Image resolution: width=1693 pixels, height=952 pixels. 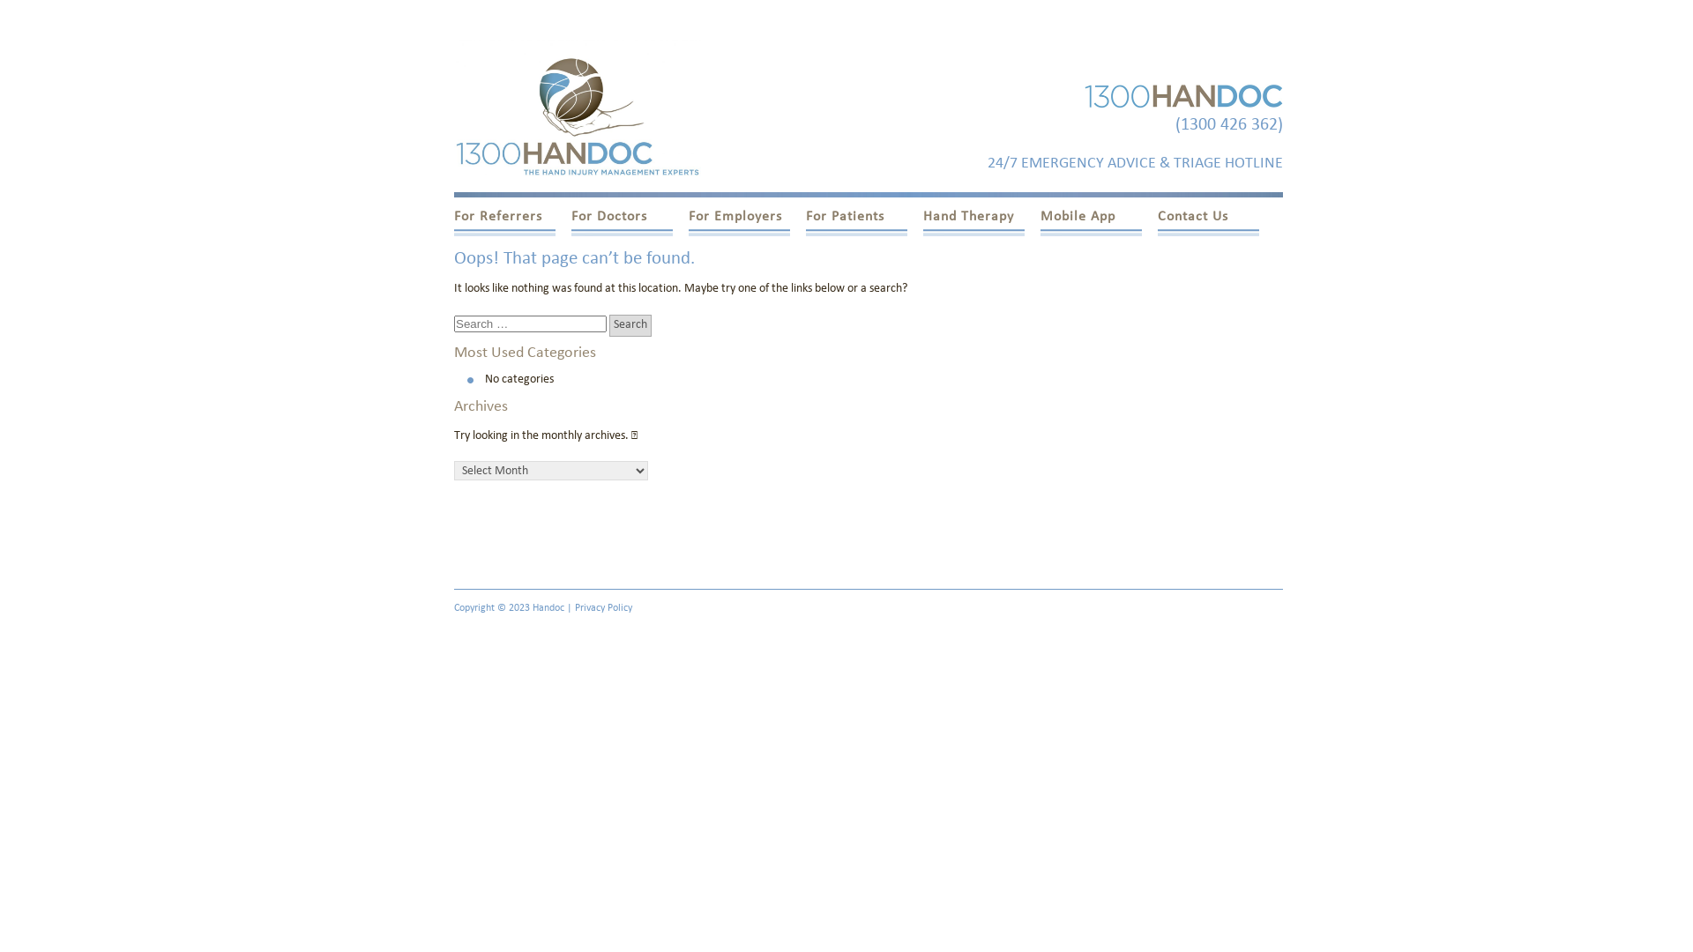 What do you see at coordinates (603, 607) in the screenshot?
I see `'Privacy Policy'` at bounding box center [603, 607].